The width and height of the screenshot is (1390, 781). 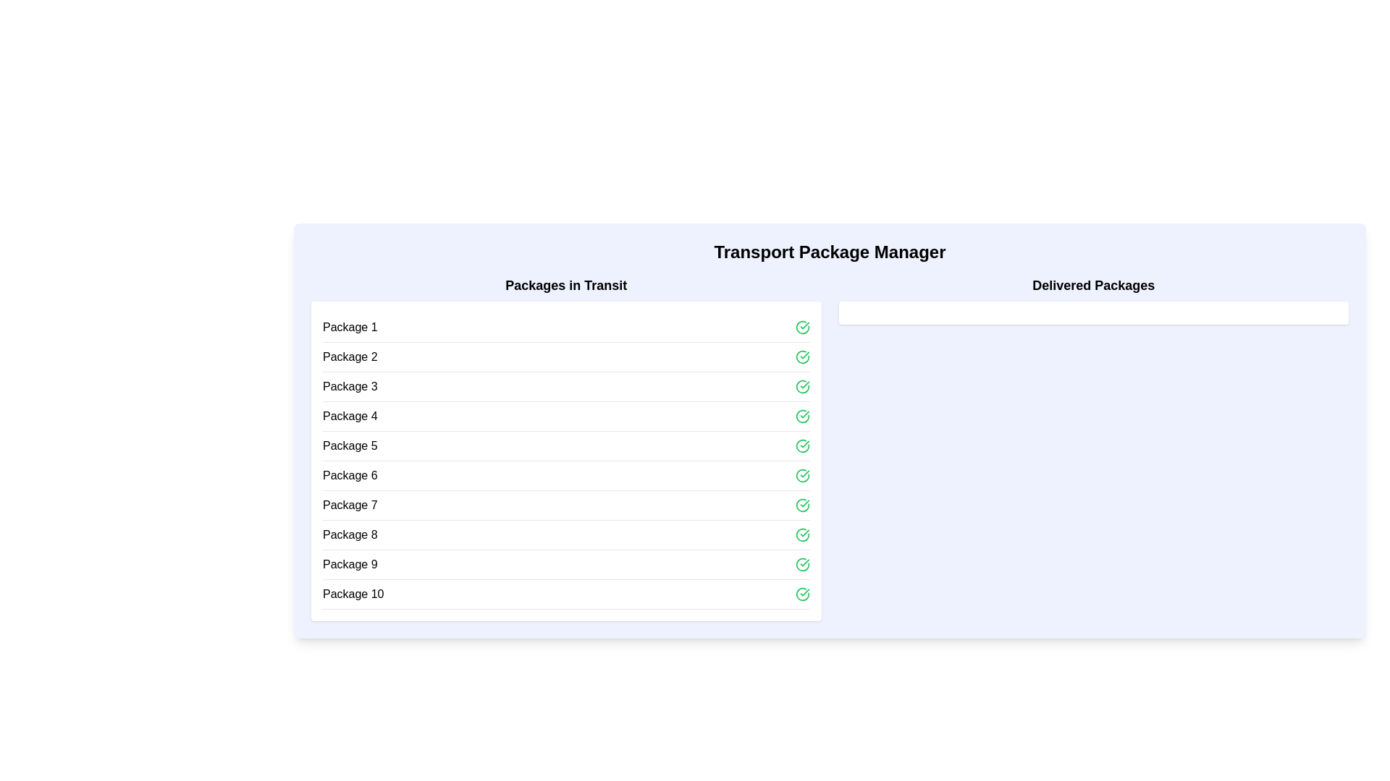 What do you see at coordinates (565, 594) in the screenshot?
I see `the last list item representing 'Package 10' in the 'Packages in Transit' column` at bounding box center [565, 594].